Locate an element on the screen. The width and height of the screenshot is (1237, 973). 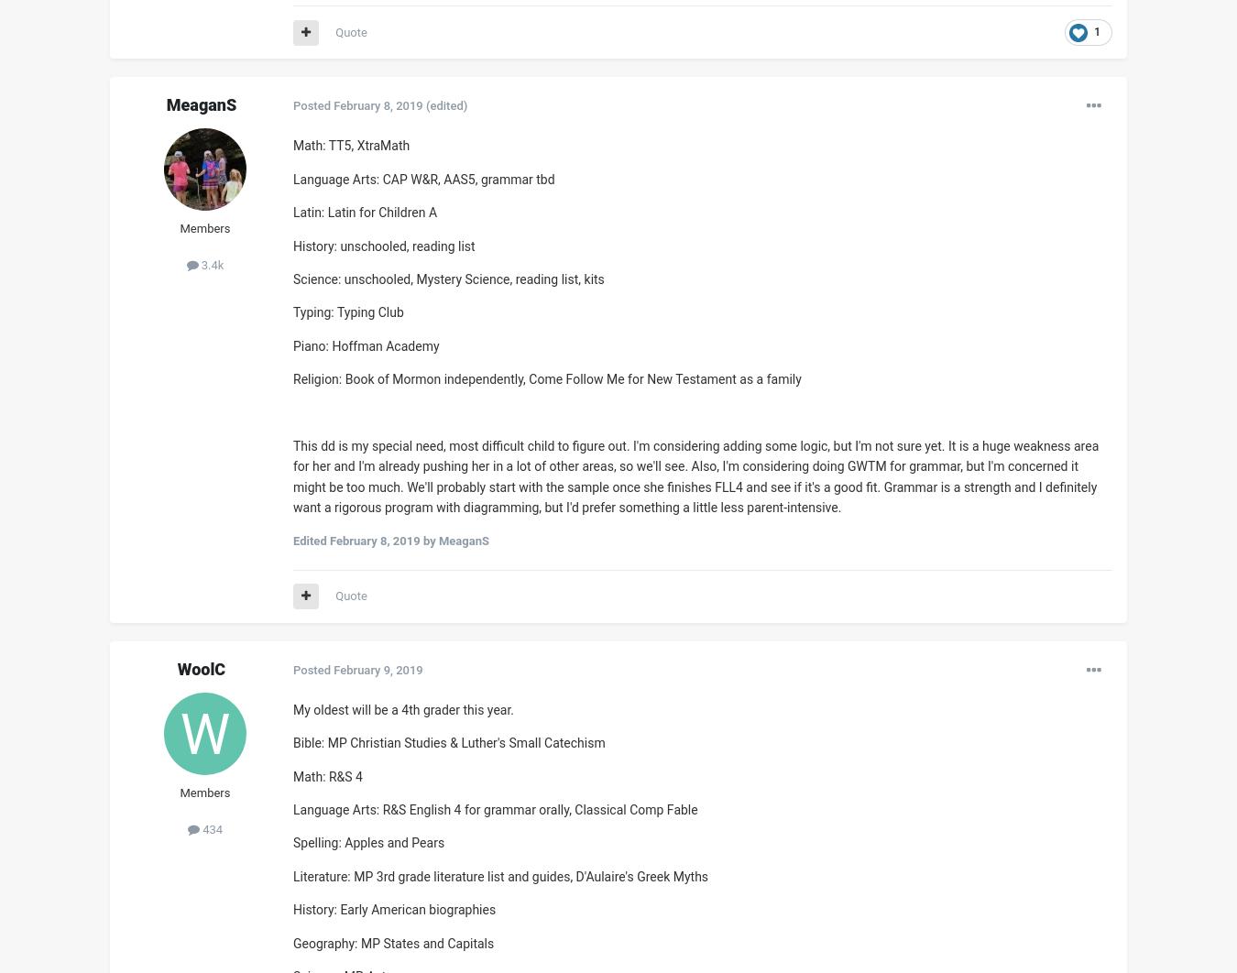
'1' is located at coordinates (1096, 32).